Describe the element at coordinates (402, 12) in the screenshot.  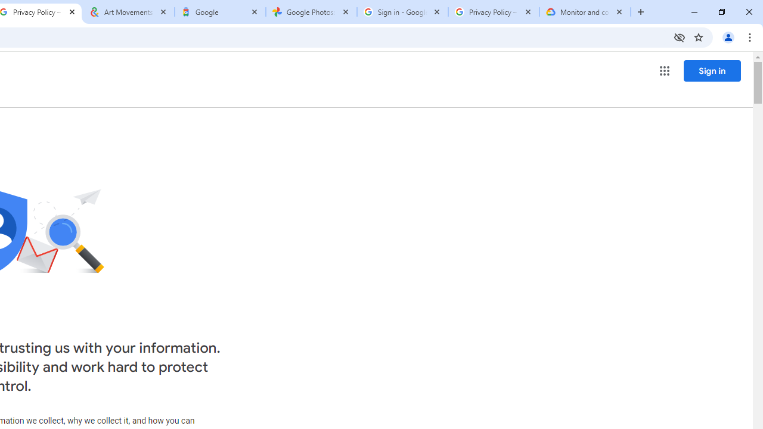
I see `'Sign in - Google Accounts'` at that location.